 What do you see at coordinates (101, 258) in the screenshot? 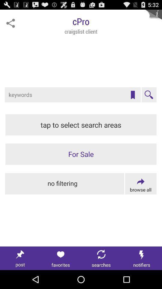
I see `refresh search` at bounding box center [101, 258].